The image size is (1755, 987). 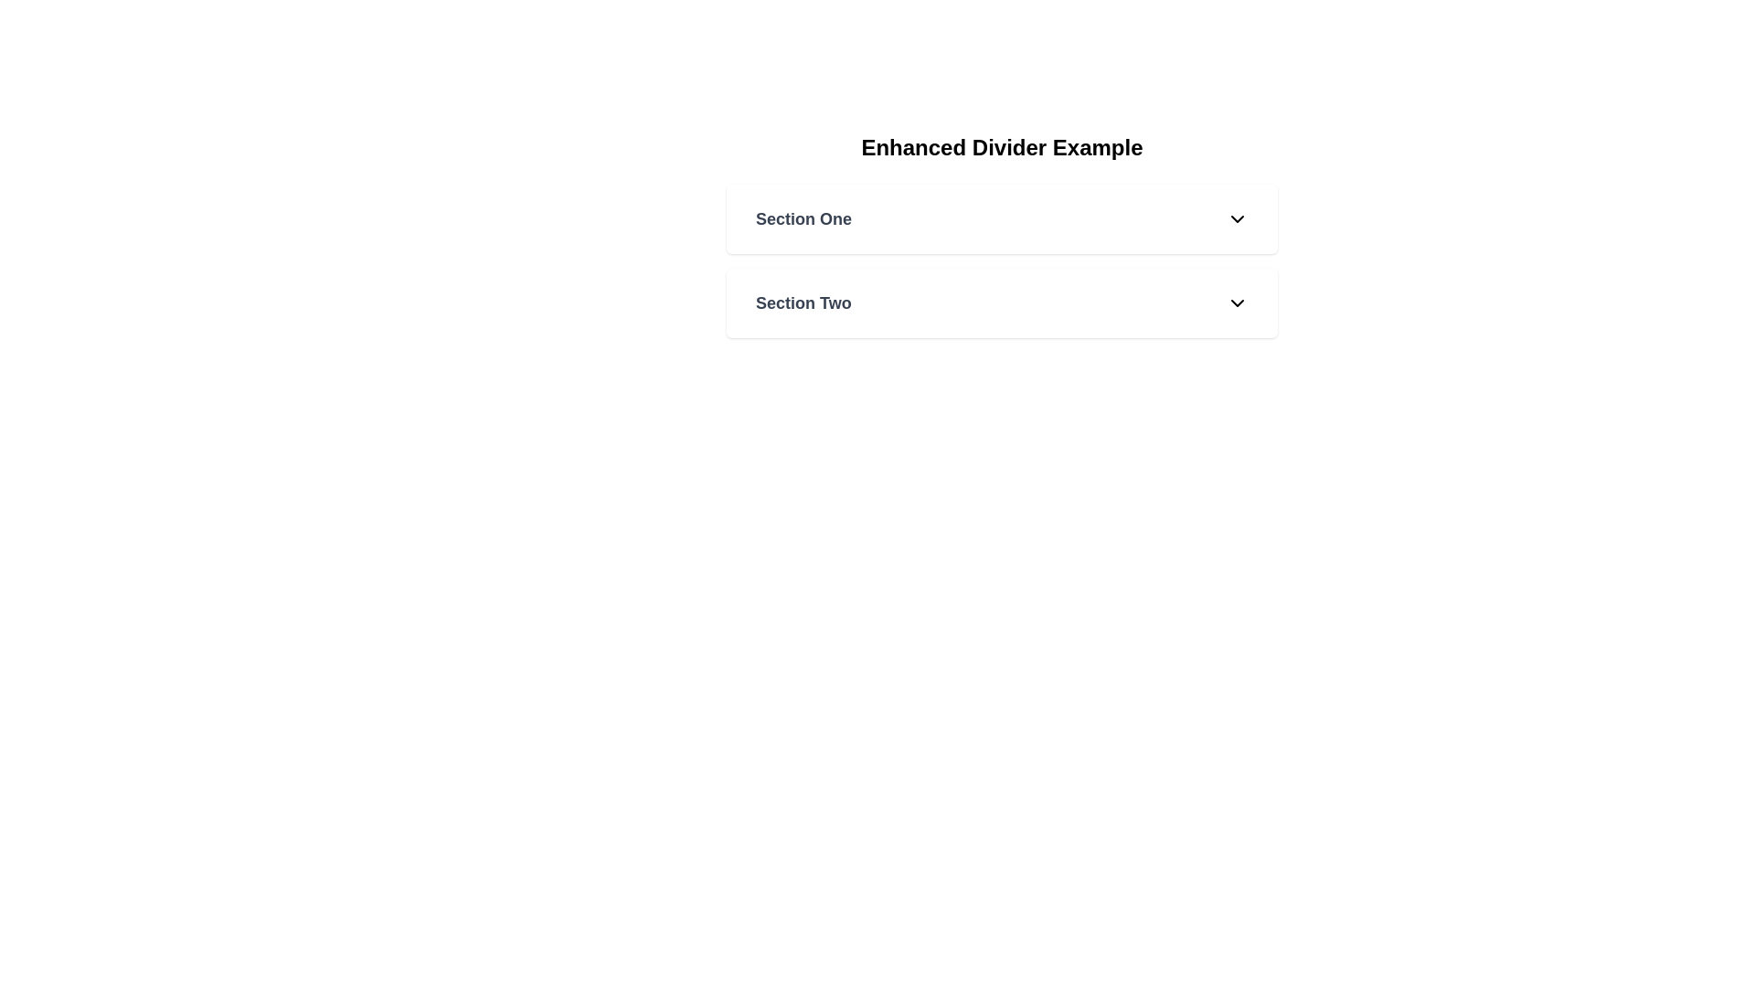 What do you see at coordinates (1001, 235) in the screenshot?
I see `the section title 'Section One' of the collapsible sections component labeled 'Enhanced Divider Example'` at bounding box center [1001, 235].